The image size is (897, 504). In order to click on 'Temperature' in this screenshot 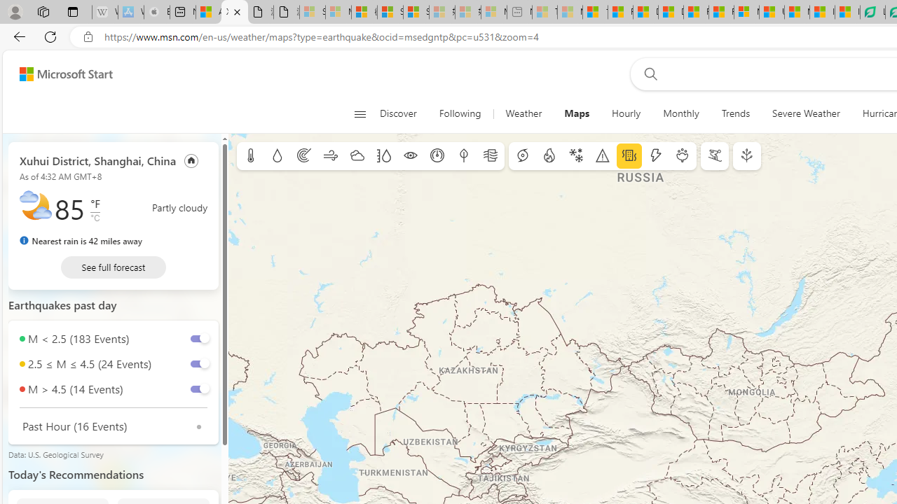, I will do `click(251, 156)`.